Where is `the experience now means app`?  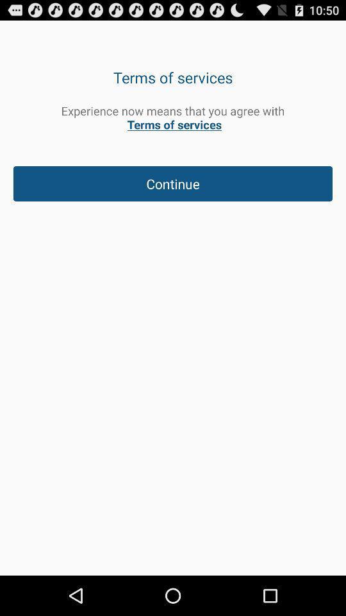
the experience now means app is located at coordinates (173, 117).